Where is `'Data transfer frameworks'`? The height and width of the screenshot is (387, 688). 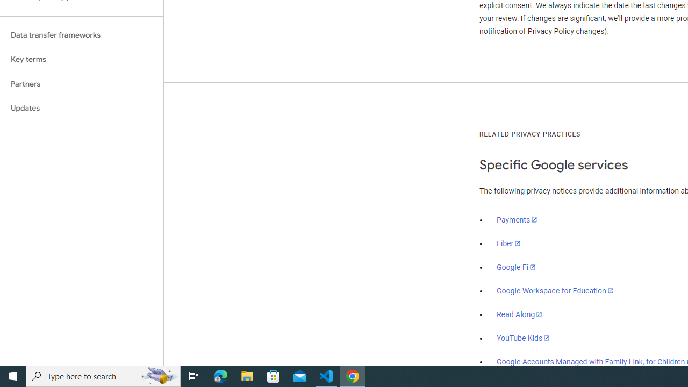 'Data transfer frameworks' is located at coordinates (81, 34).